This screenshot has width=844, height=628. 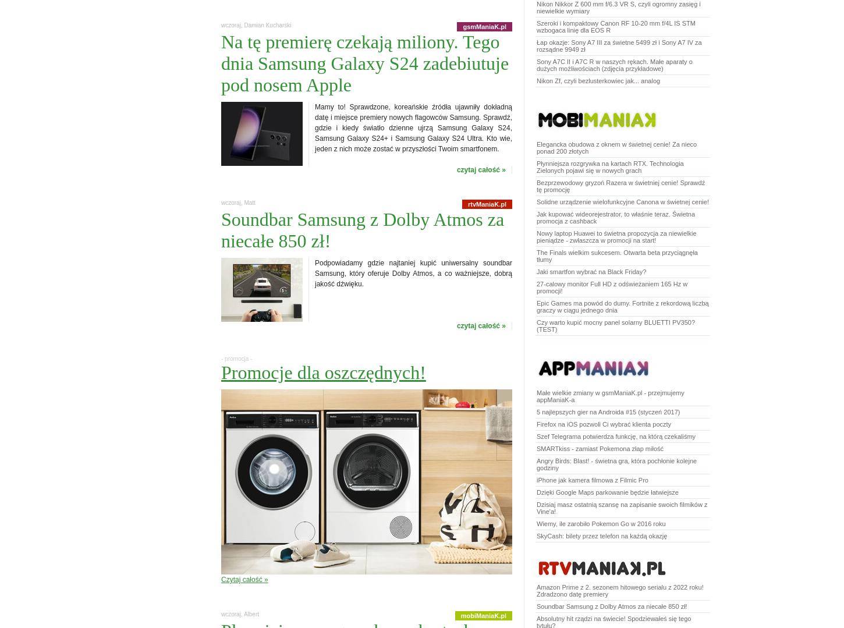 What do you see at coordinates (616, 26) in the screenshot?
I see `'Szeroki i kompaktowy Canon RF 10-20 mm f/4L IS STM wzbogaca linię dla EOS R'` at bounding box center [616, 26].